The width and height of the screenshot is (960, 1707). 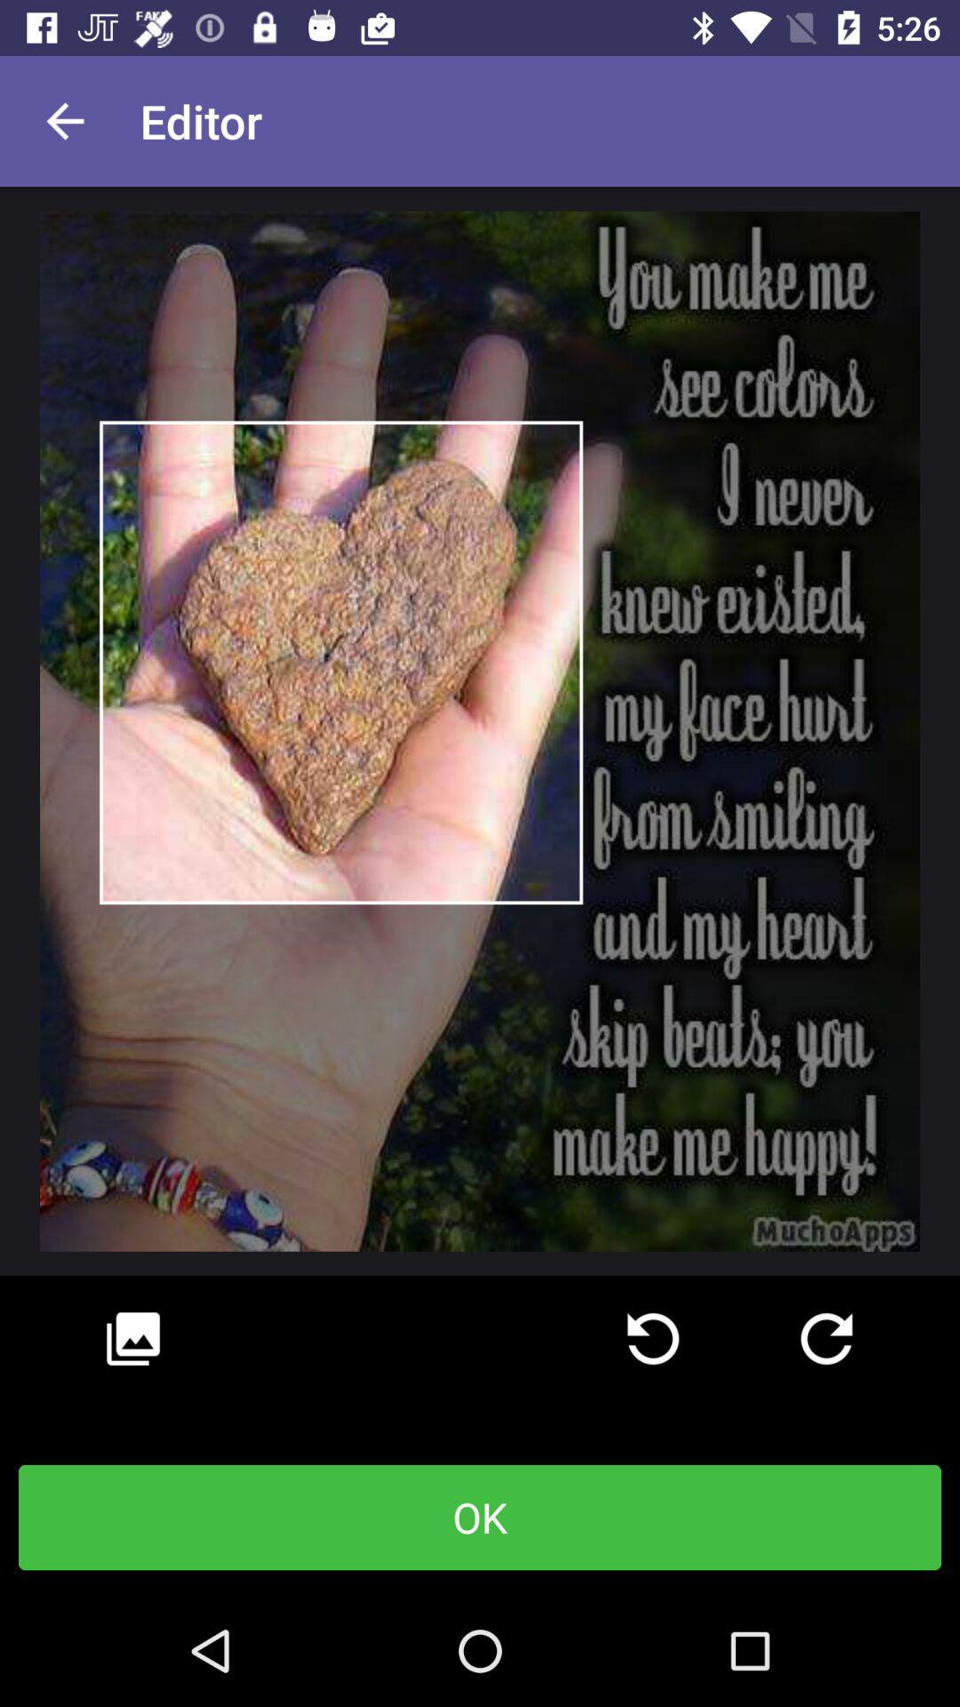 What do you see at coordinates (64, 120) in the screenshot?
I see `the app next to editor app` at bounding box center [64, 120].